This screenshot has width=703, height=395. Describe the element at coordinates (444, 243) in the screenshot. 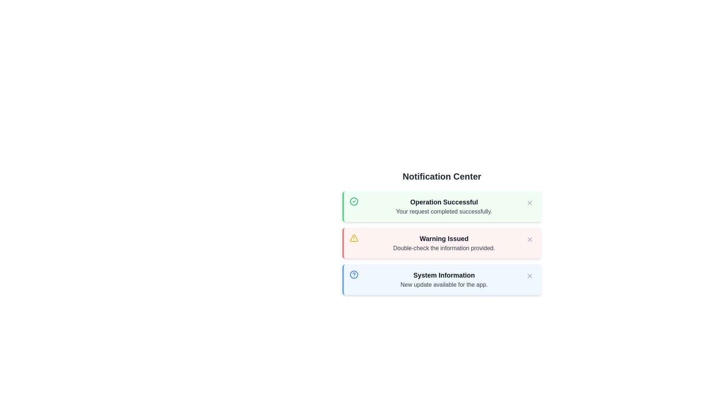

I see `notification with the bold text 'Warning Issued' and the smaller text 'Double-check the information provided.' in the Notification Center` at that location.